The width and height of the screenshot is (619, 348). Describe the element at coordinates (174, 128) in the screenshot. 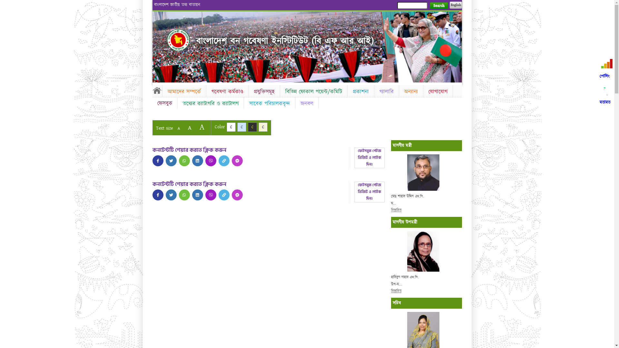

I see `'A'` at that location.